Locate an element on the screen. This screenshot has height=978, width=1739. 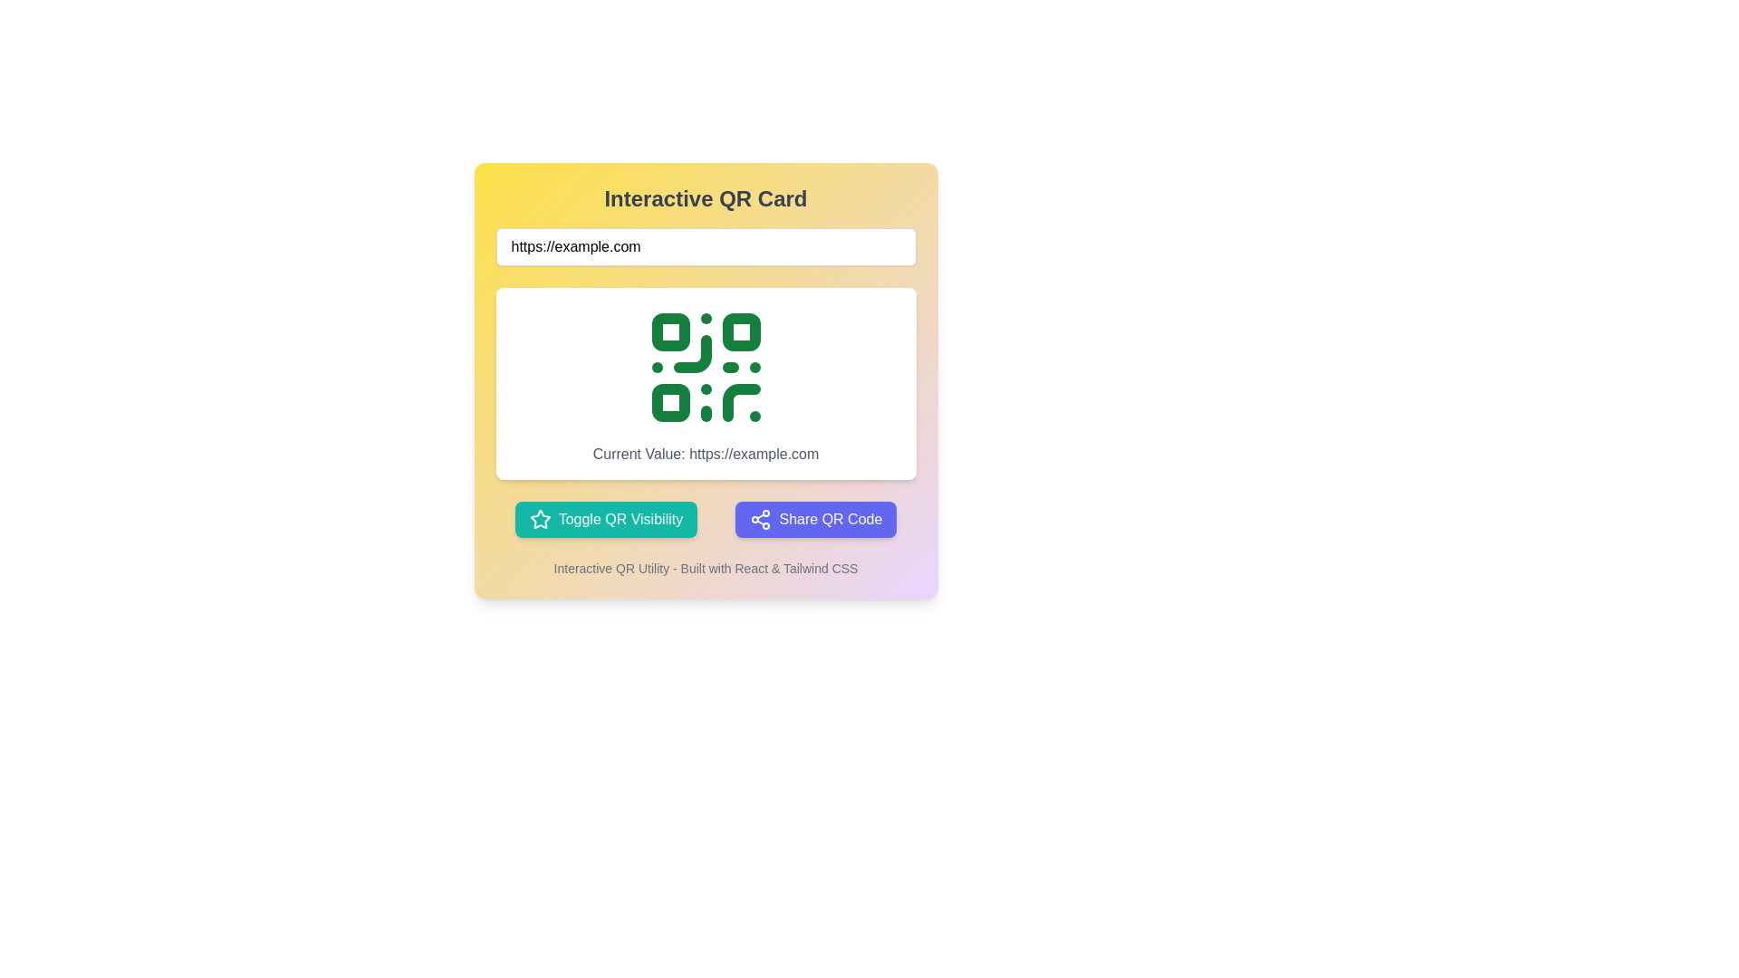
the second small square from the left in the top row of the QR code grid within the SVG component is located at coordinates (741, 331).